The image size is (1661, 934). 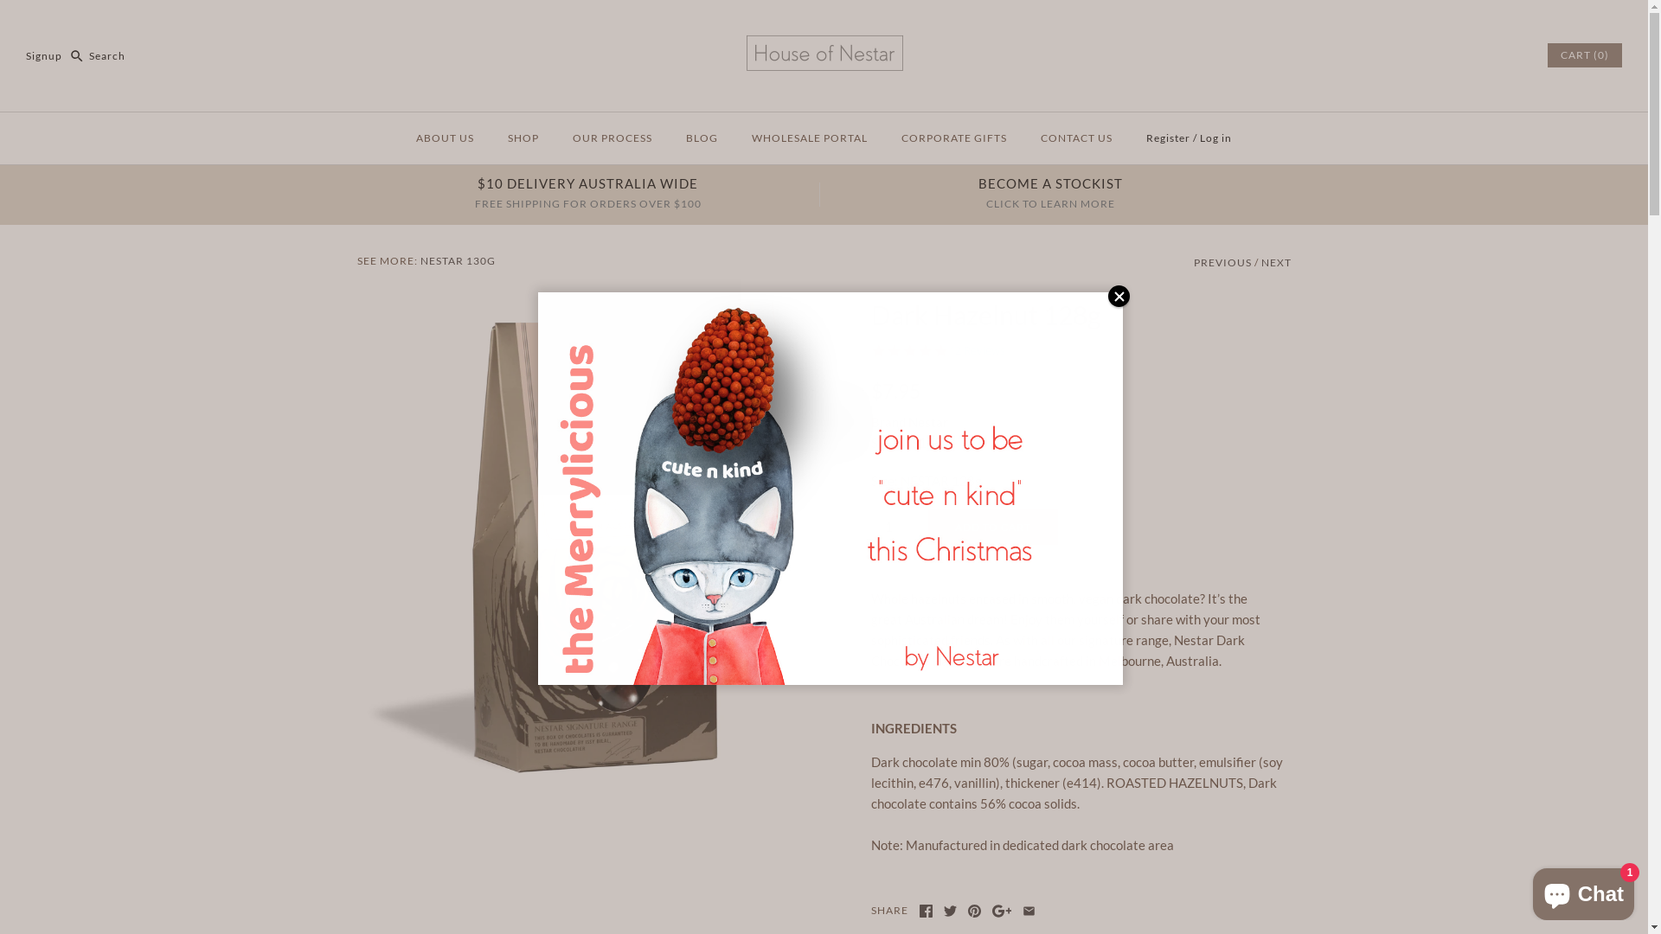 I want to click on 'Register', so click(x=1168, y=137).